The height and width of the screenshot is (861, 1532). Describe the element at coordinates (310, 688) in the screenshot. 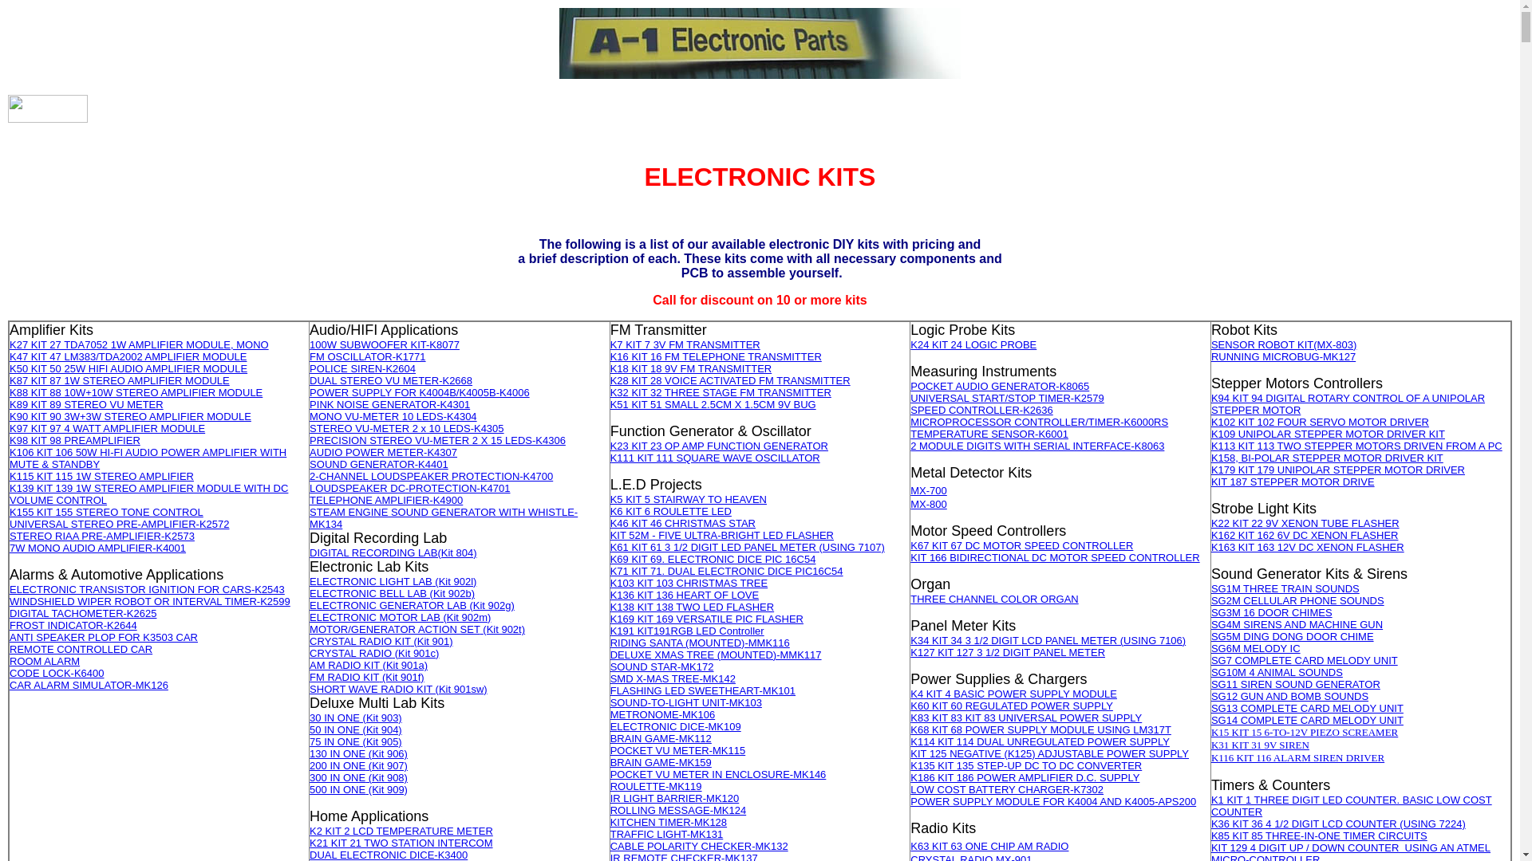

I see `'SHORT WAVE RADIO KIT (Kit 901sw)'` at that location.